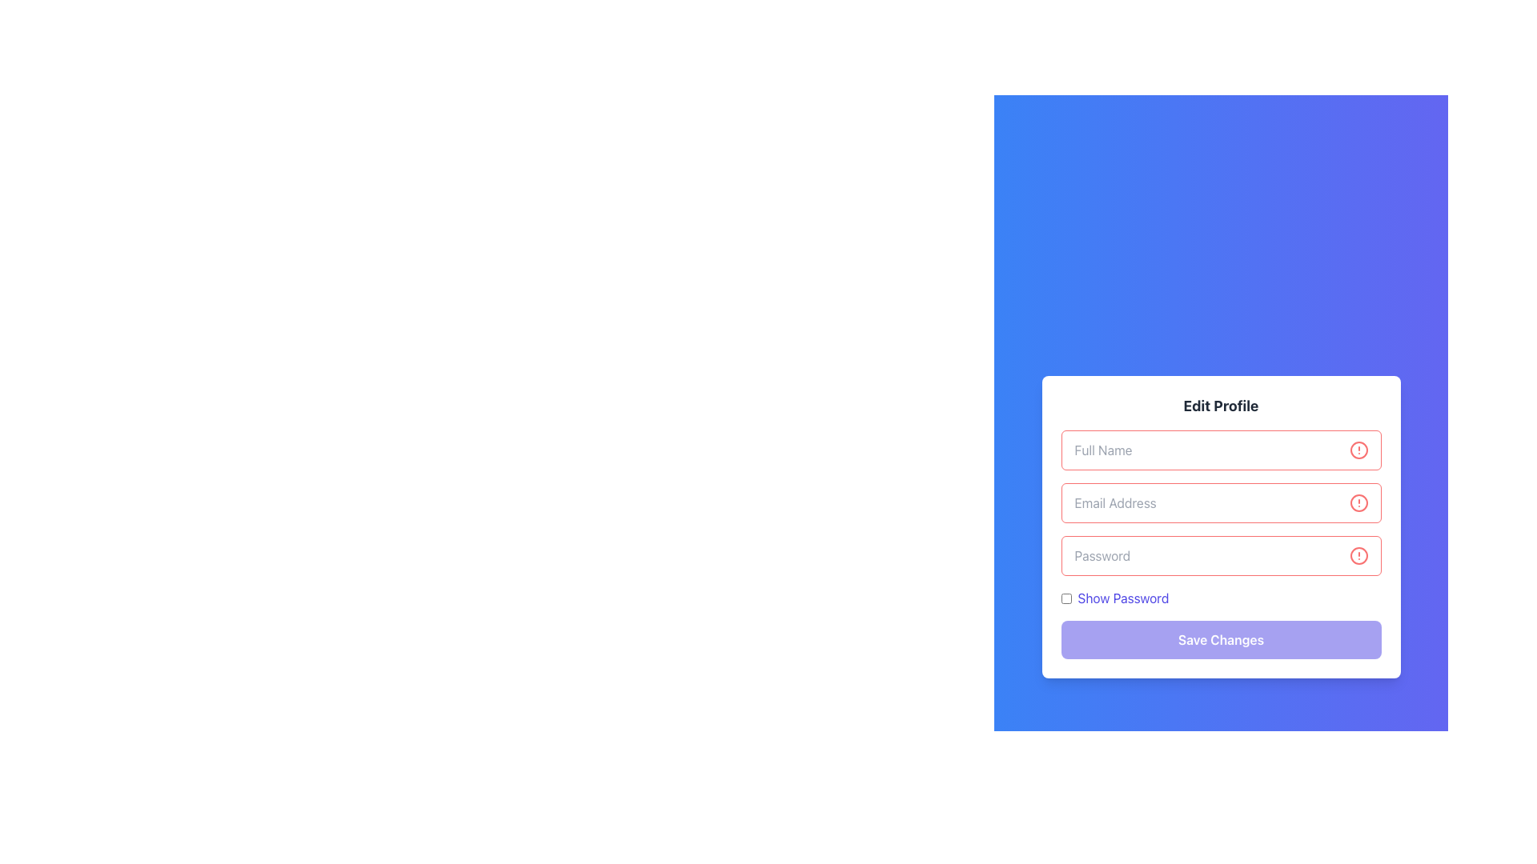  I want to click on the checkbox located below the 'Password' input field in the 'Edit Profile' form, so click(1114, 598).